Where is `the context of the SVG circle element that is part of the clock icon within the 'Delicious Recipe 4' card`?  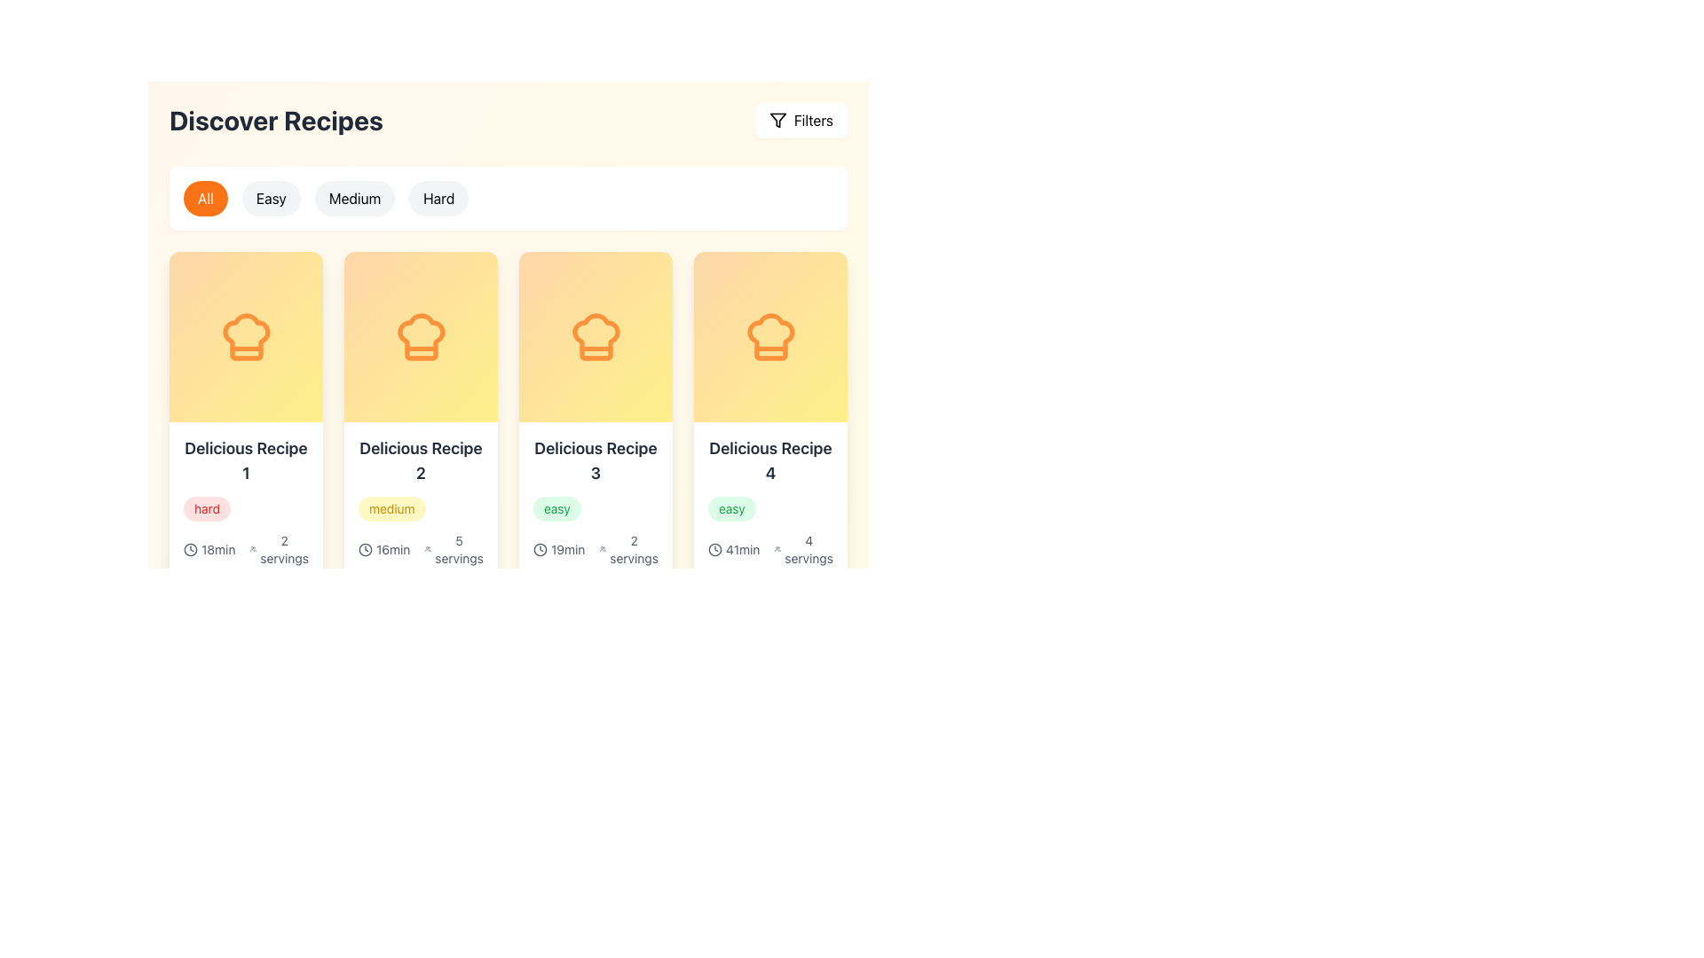 the context of the SVG circle element that is part of the clock icon within the 'Delicious Recipe 4' card is located at coordinates (715, 549).